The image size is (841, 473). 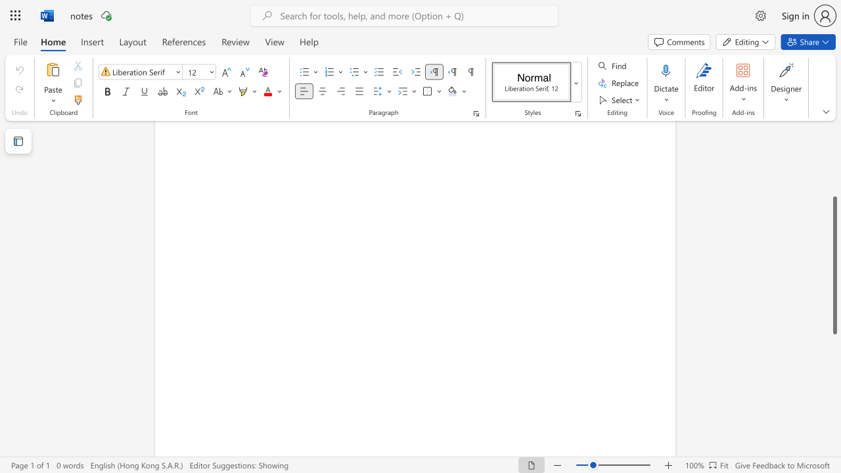 What do you see at coordinates (834, 150) in the screenshot?
I see `the right-hand scrollbar to ascend the page` at bounding box center [834, 150].